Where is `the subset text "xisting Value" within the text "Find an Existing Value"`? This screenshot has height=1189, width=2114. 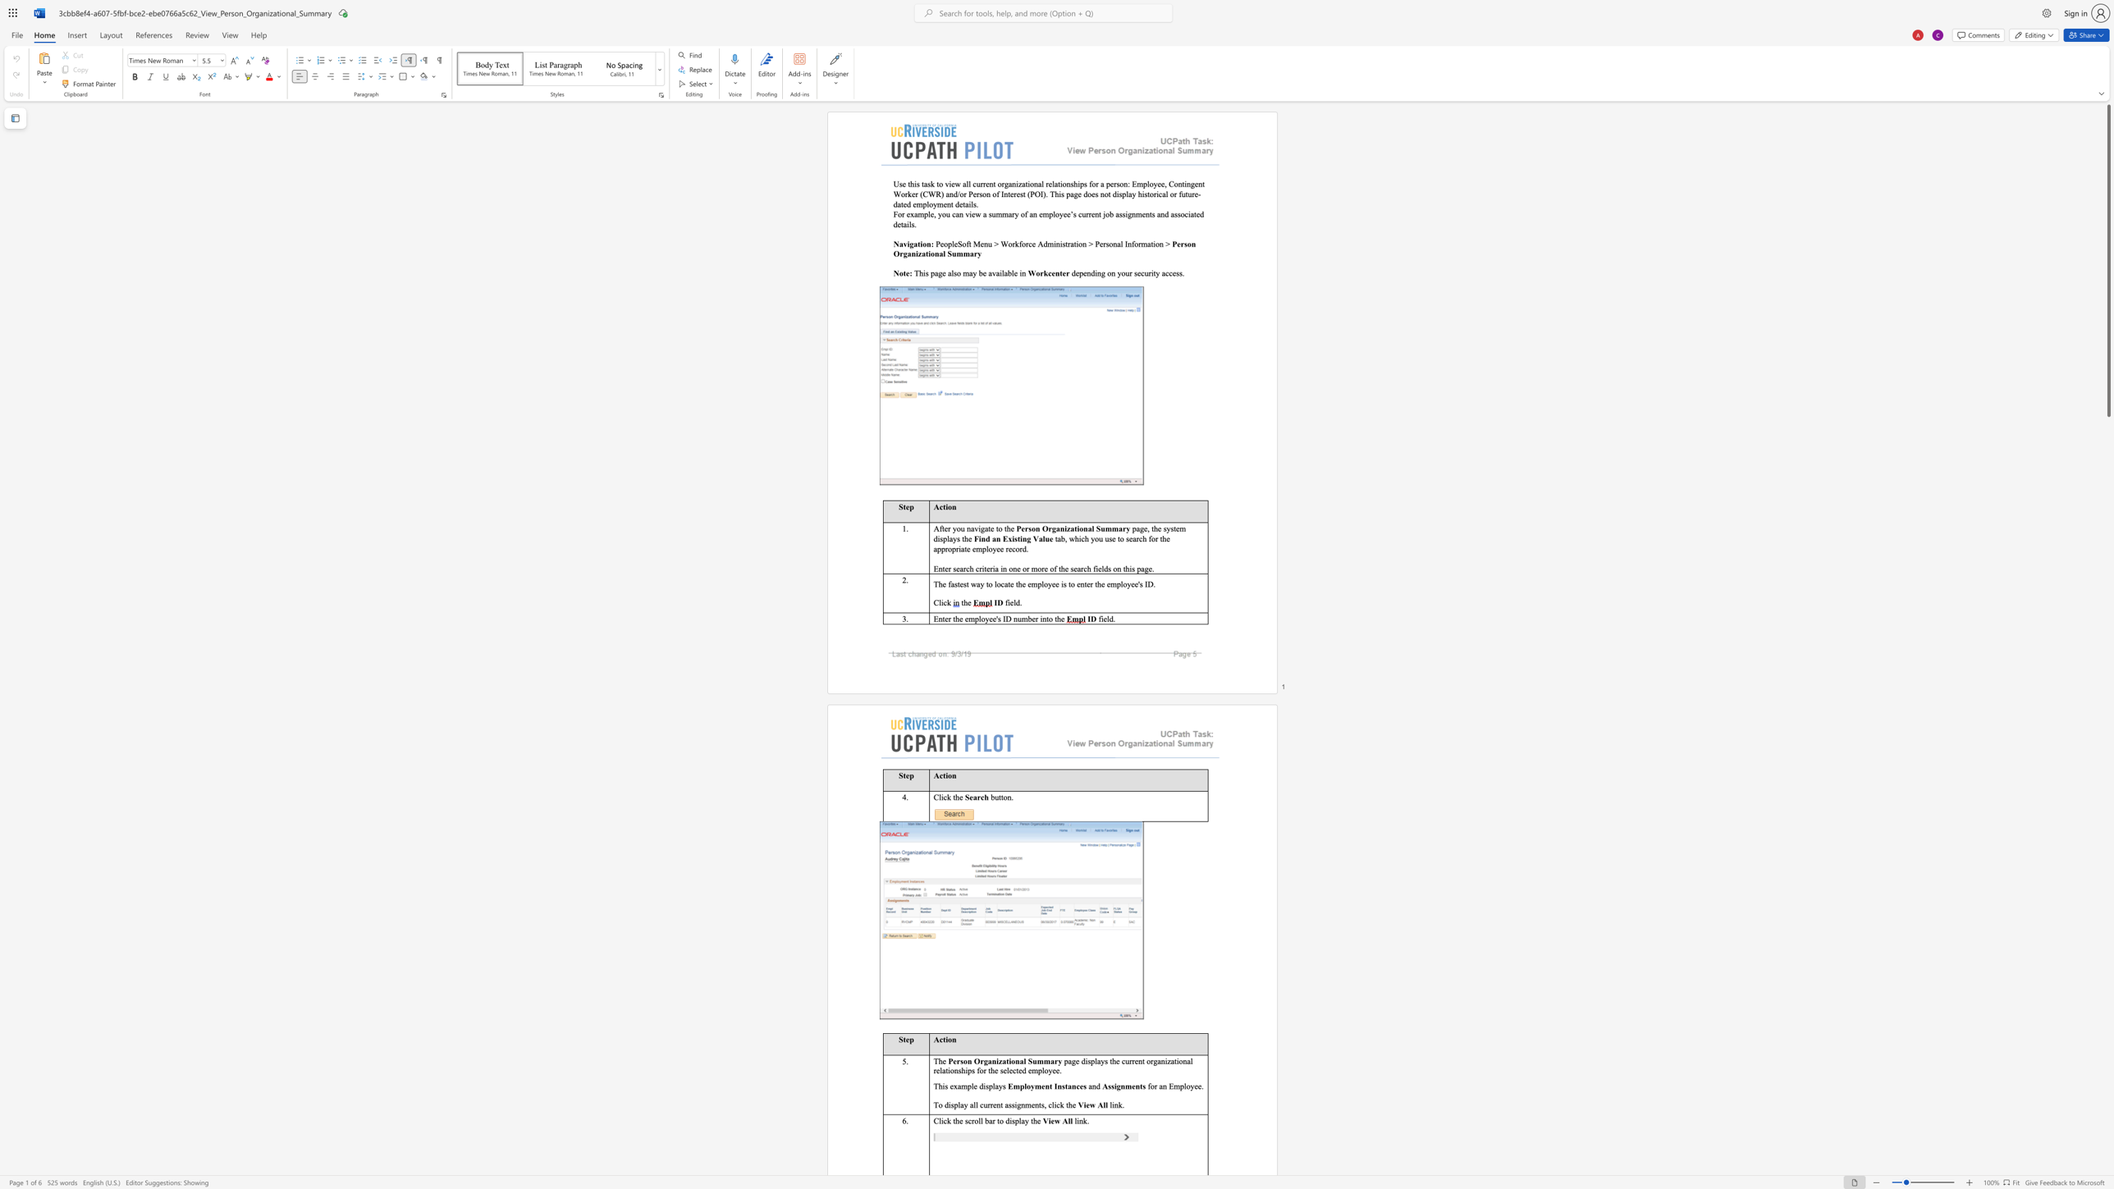
the subset text "xisting Value" within the text "Find an Existing Value" is located at coordinates (1008, 537).